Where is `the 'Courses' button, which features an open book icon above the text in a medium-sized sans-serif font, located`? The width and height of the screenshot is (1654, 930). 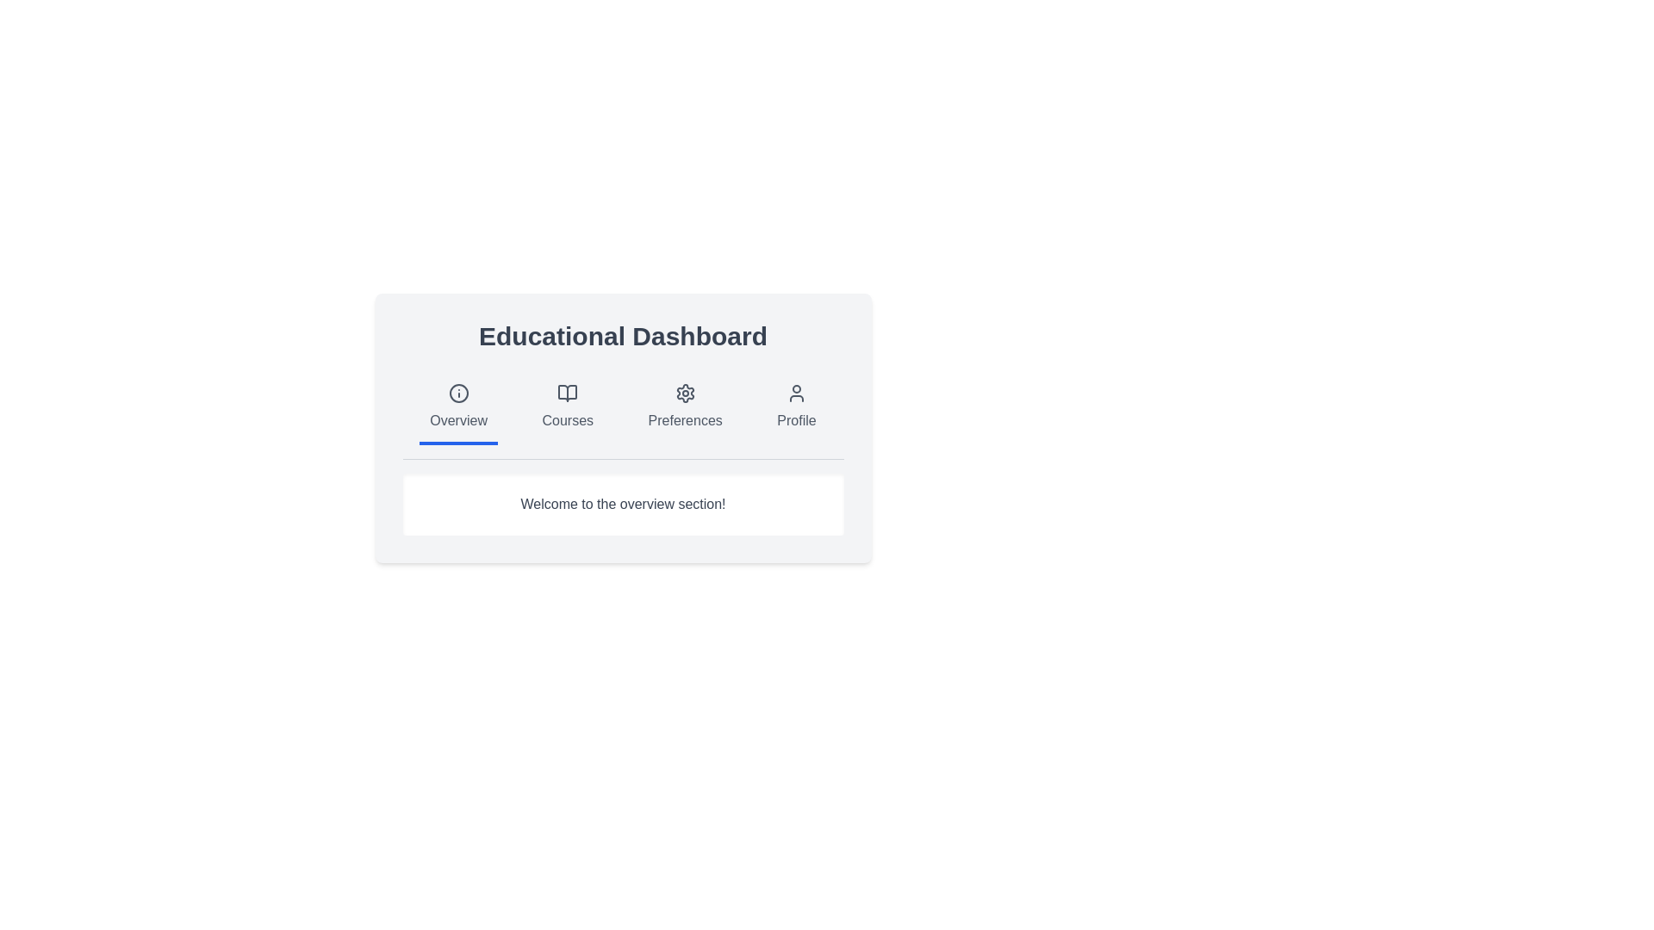
the 'Courses' button, which features an open book icon above the text in a medium-sized sans-serif font, located is located at coordinates (568, 408).